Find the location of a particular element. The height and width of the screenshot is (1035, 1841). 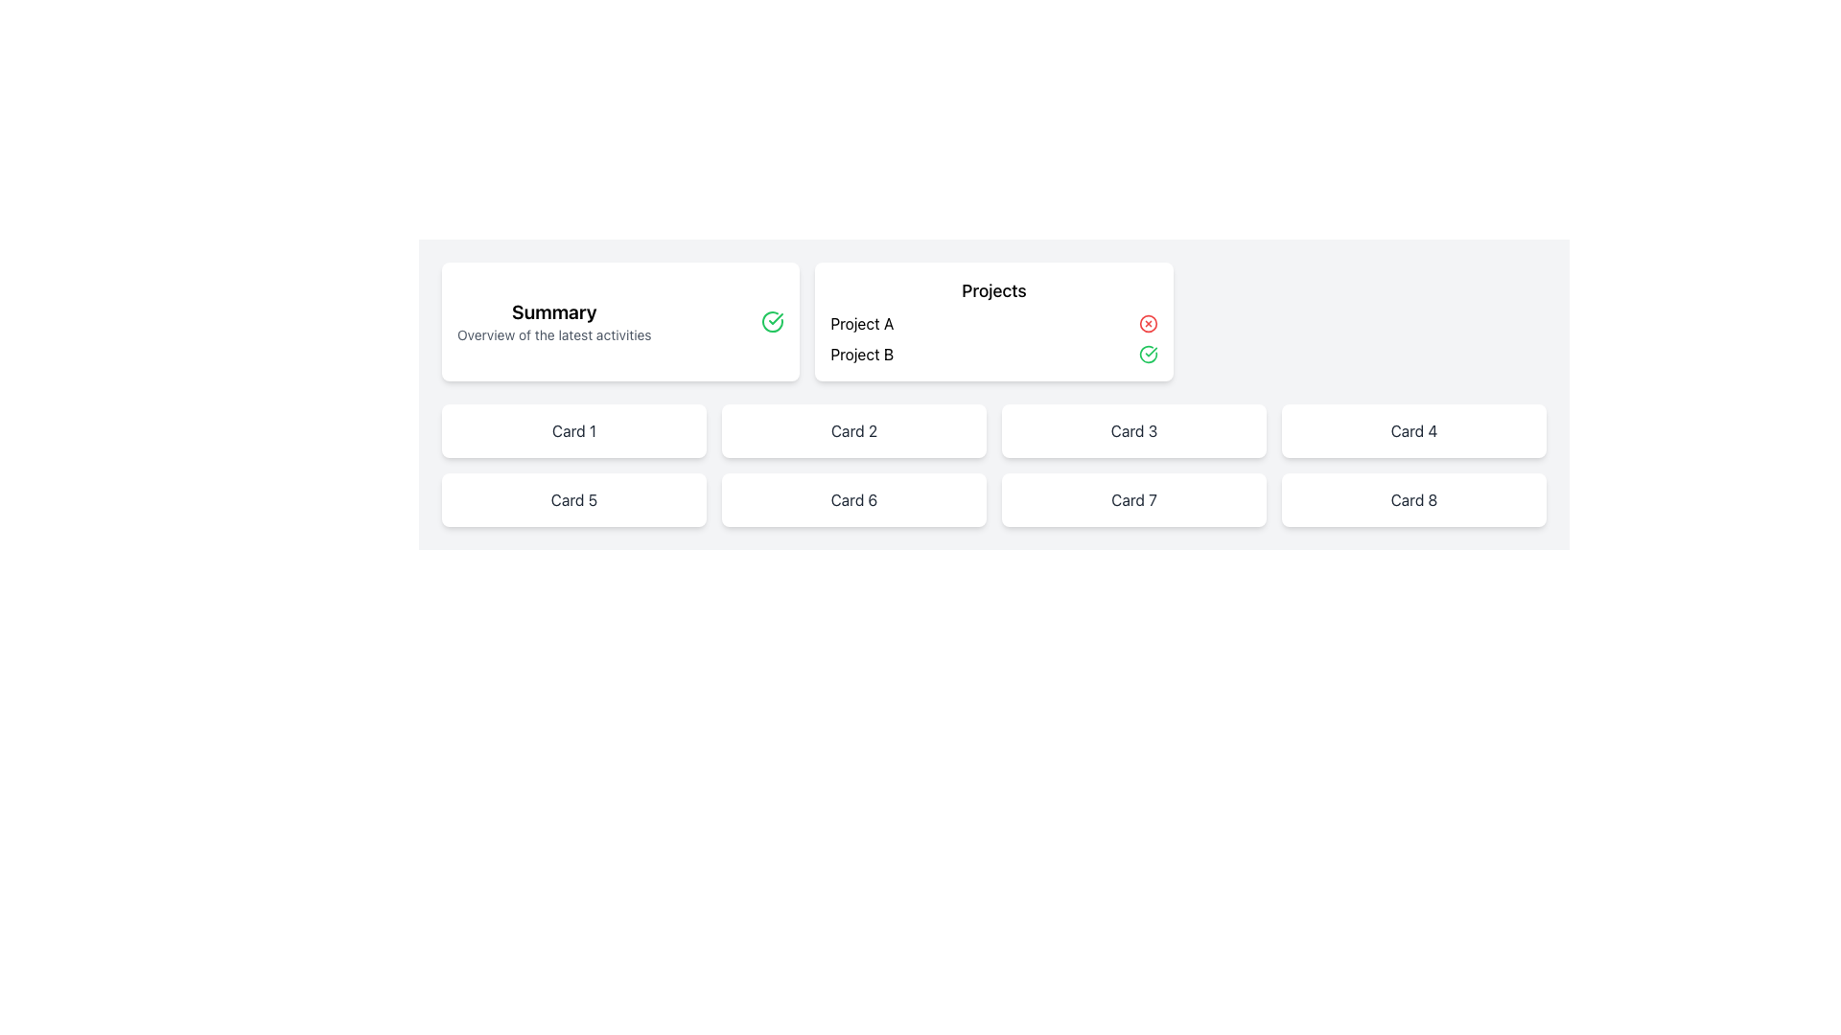

the rectangular card labeled 'Card 2' which has a white background, rounded corners, and is located in the first row of a grid layout between 'Card 1' and 'Card 3' is located at coordinates (853, 431).